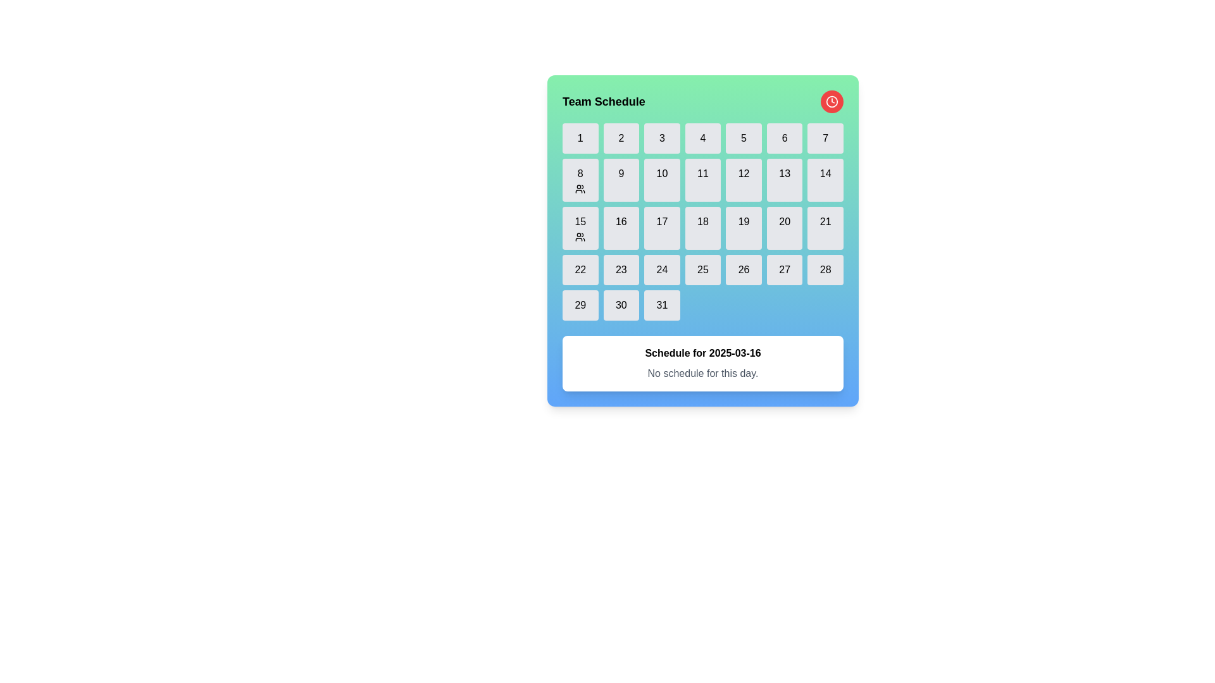 The height and width of the screenshot is (683, 1215). What do you see at coordinates (825, 180) in the screenshot?
I see `the rounded rectangular button with a light gray background and the number '14' centered in black text, located in the fourth row and seventh column of a calendar interface` at bounding box center [825, 180].